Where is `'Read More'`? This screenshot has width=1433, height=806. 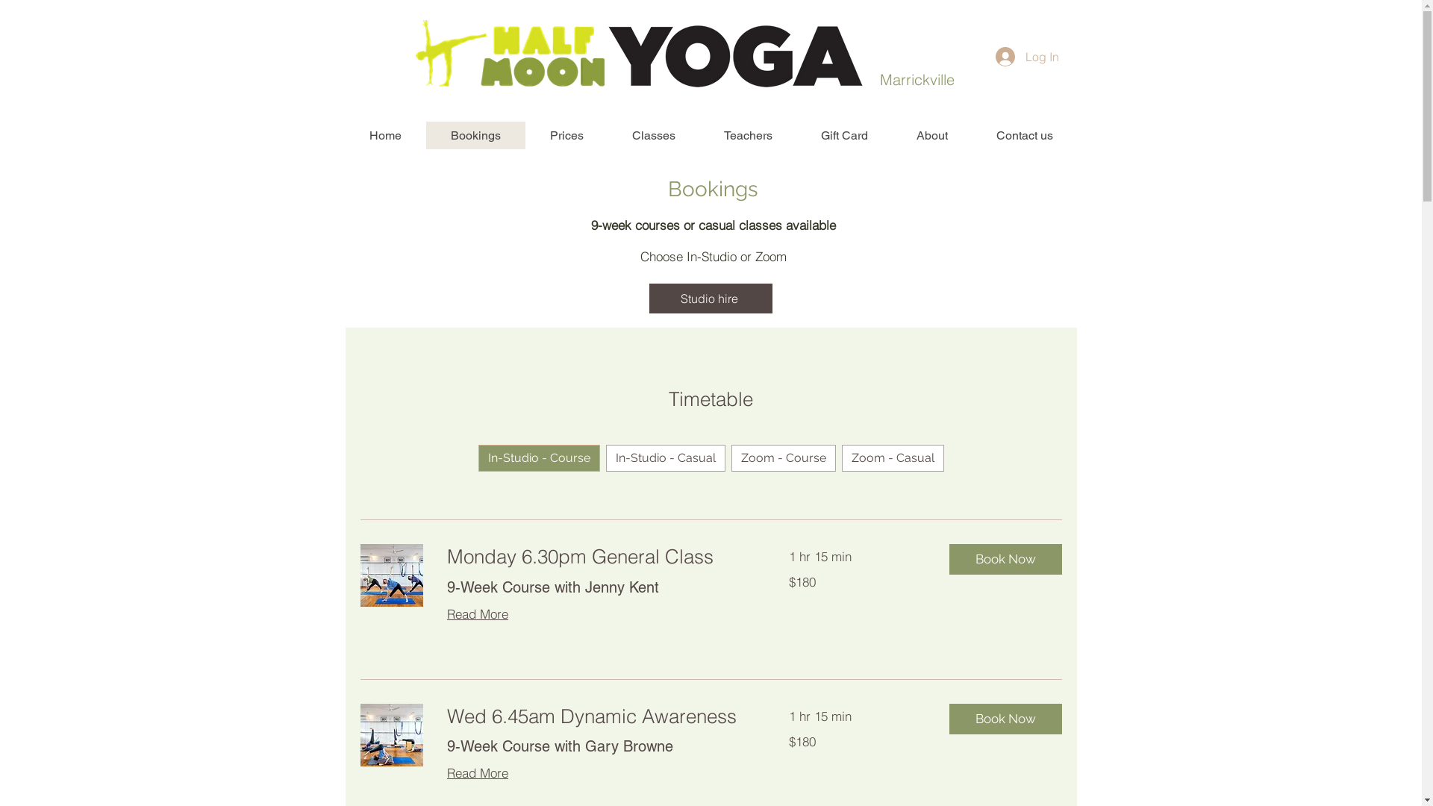
'Read More' is located at coordinates (475, 772).